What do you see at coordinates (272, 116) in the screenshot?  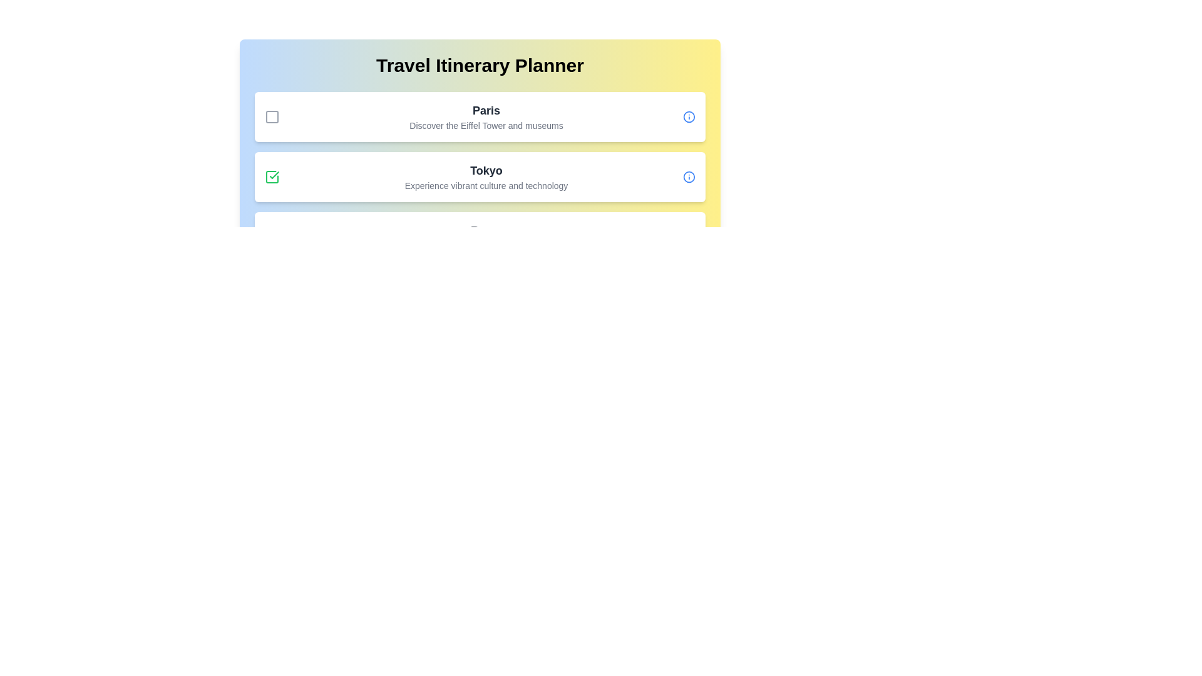 I see `the icon that serves as a visual and functional part of the checkbox widget located adjacent to the descriptive text for 'Paris'` at bounding box center [272, 116].